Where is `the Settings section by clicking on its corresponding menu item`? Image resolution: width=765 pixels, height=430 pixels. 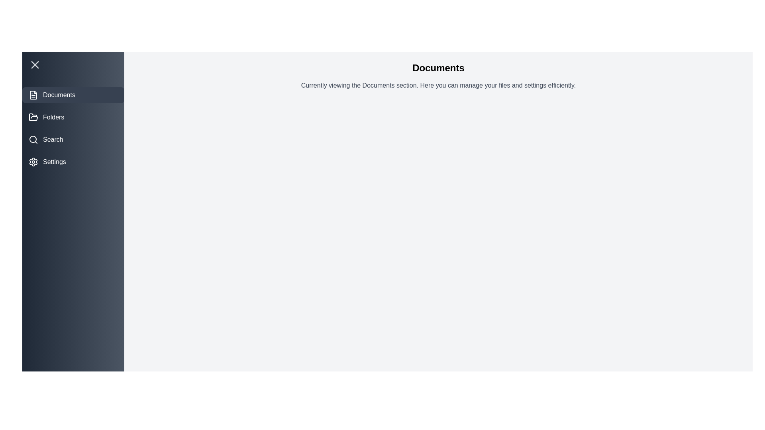 the Settings section by clicking on its corresponding menu item is located at coordinates (73, 162).